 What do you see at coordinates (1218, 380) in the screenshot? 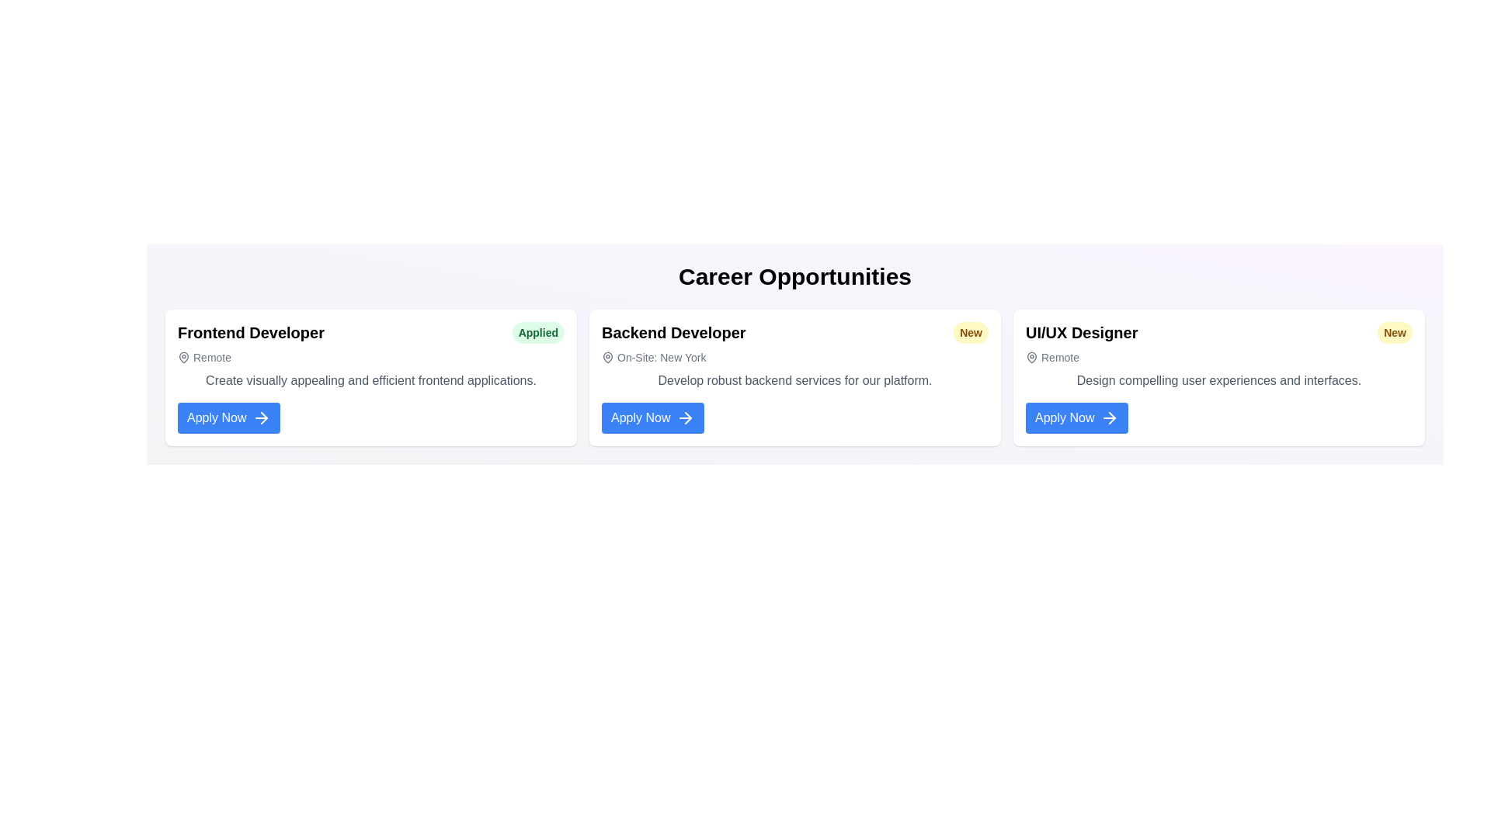
I see `text content of the description label for the 'UI/UX Designer' job role, which is the third line of text in the job card, located below the job title and above the 'Apply Now' button` at bounding box center [1218, 380].